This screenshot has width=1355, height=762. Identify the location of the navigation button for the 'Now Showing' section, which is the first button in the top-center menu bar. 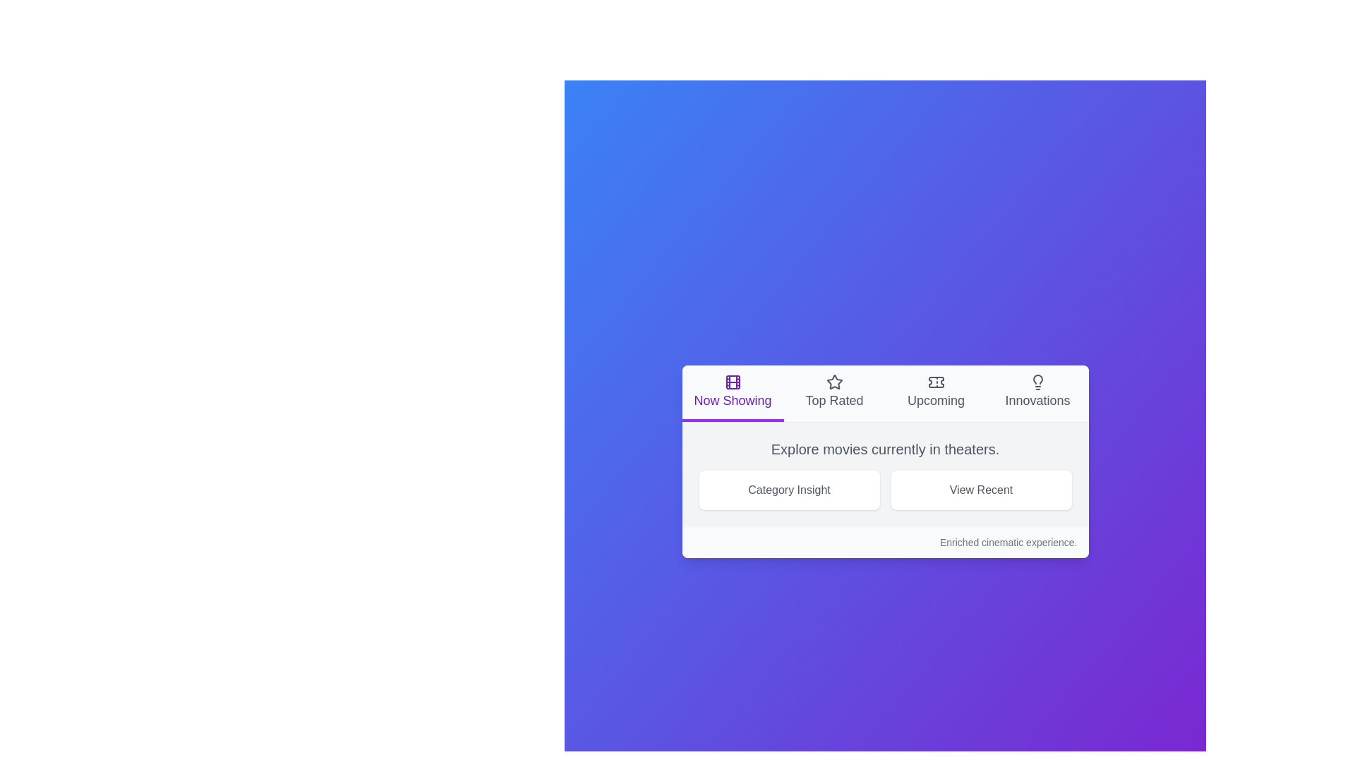
(733, 393).